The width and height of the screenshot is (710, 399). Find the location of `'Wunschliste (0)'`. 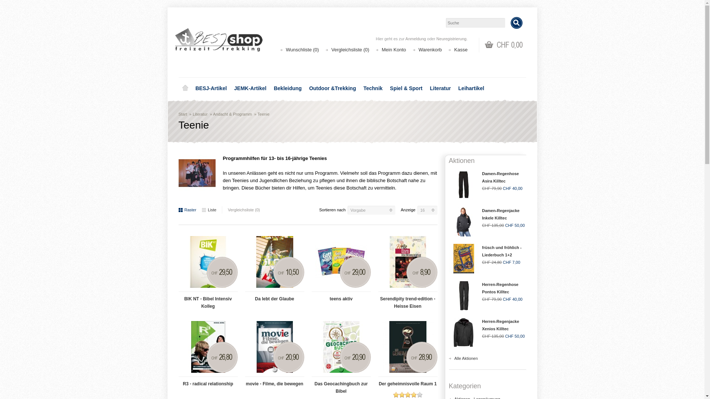

'Wunschliste (0)' is located at coordinates (302, 50).